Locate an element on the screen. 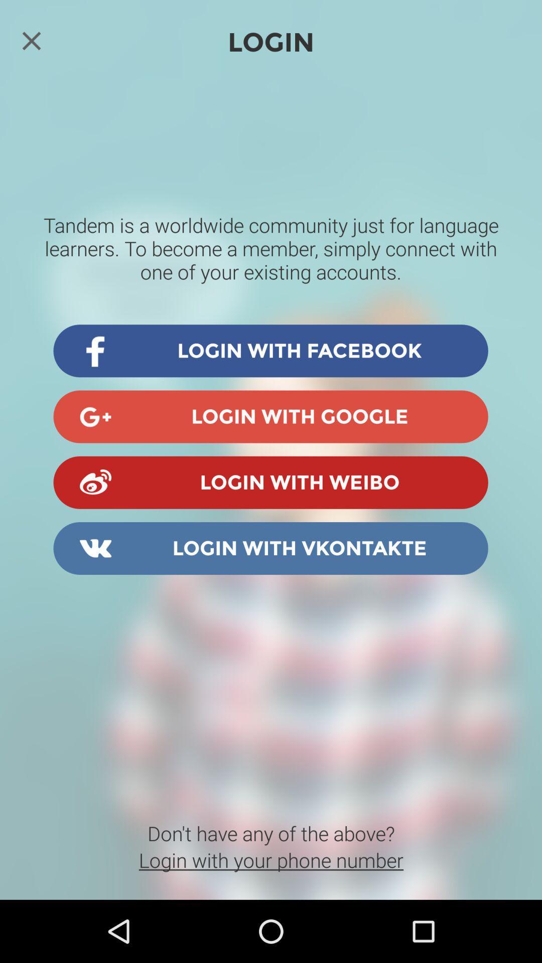 This screenshot has width=542, height=963. the page is located at coordinates (31, 40).